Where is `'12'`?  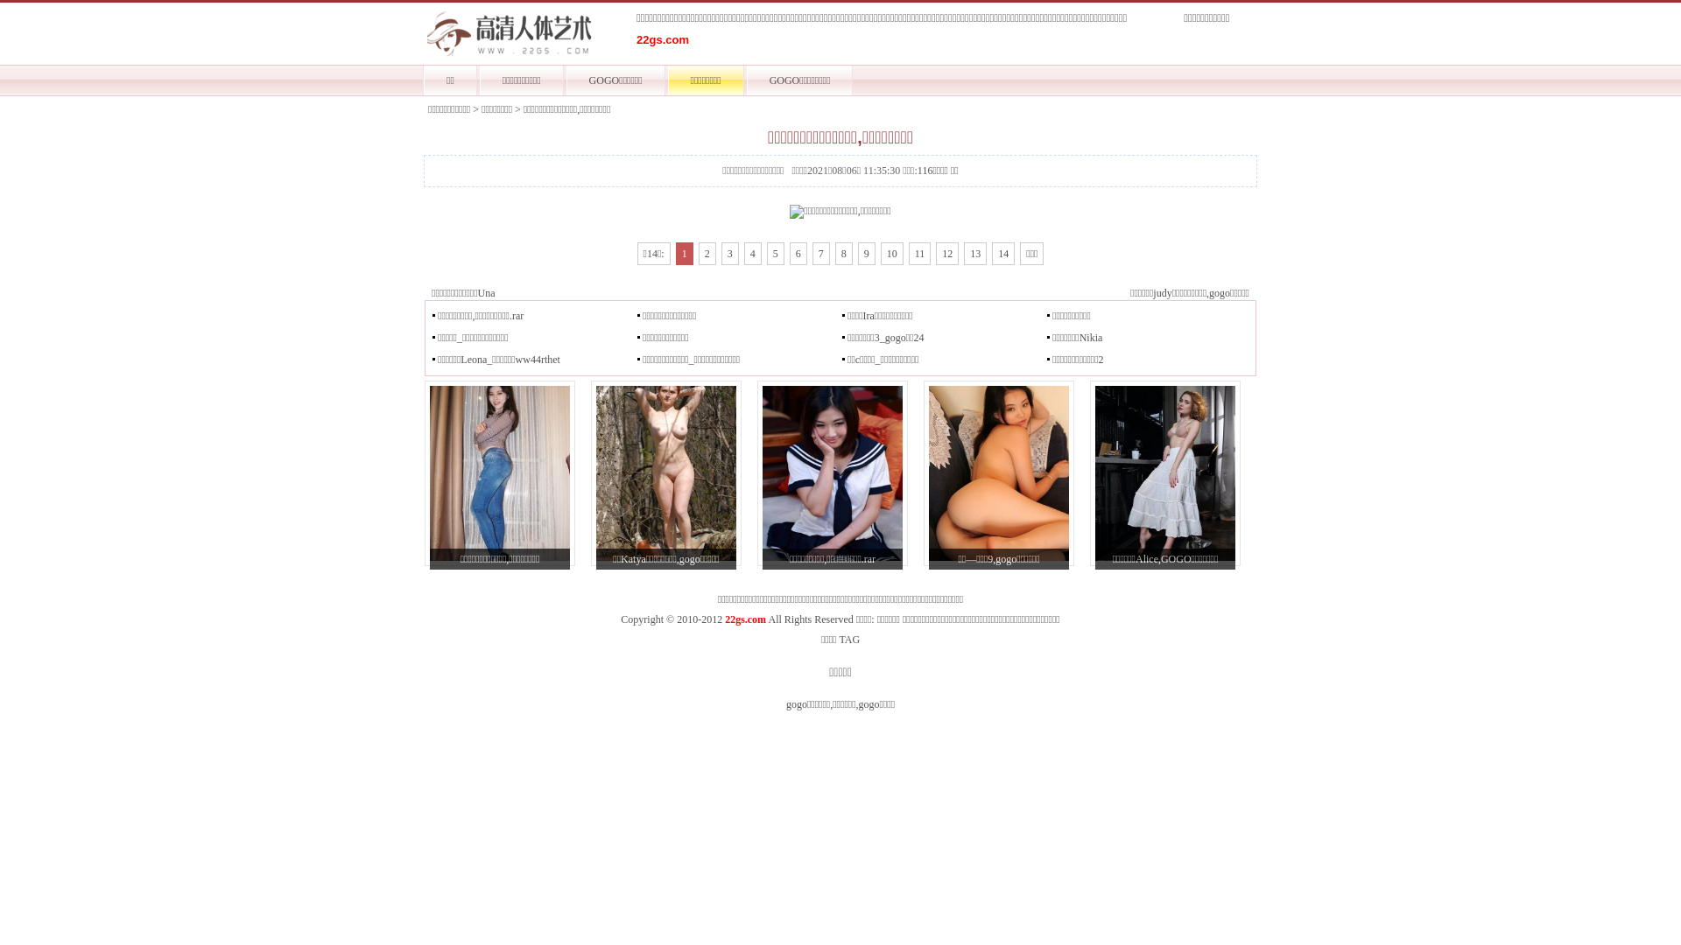 '12' is located at coordinates (935, 253).